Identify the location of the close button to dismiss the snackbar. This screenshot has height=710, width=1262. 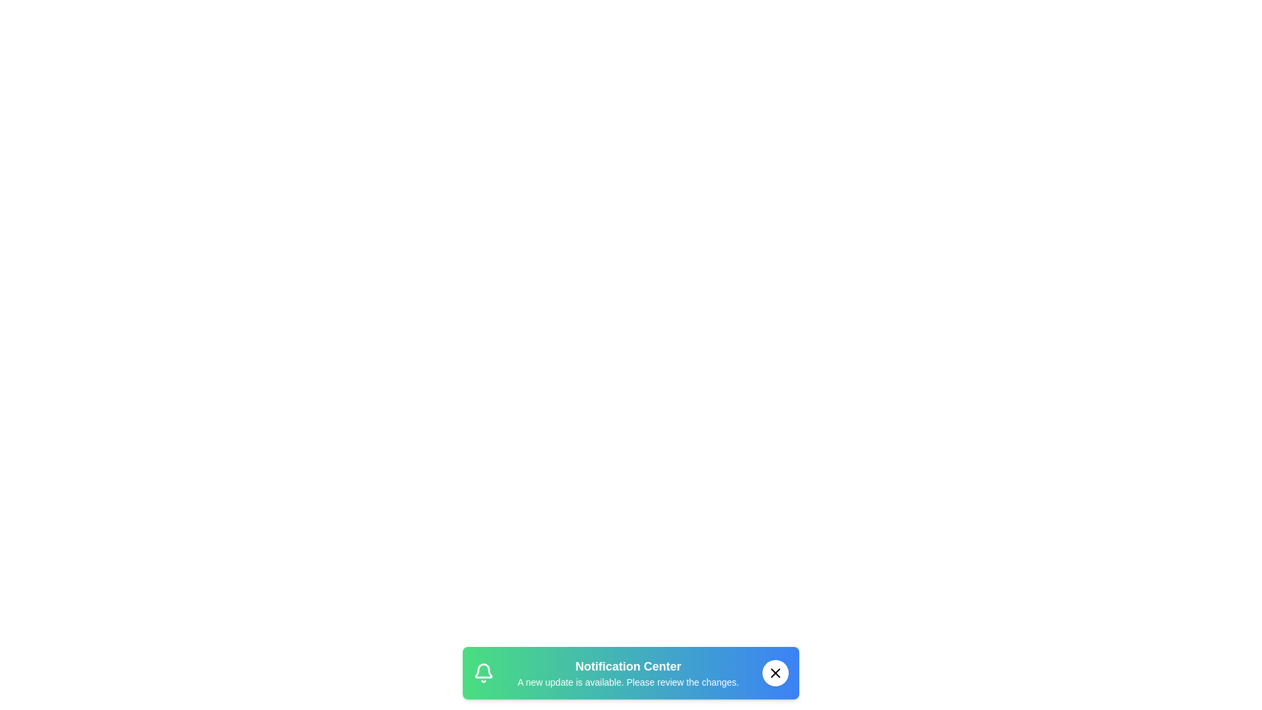
(776, 673).